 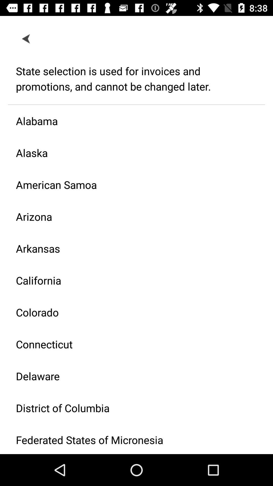 What do you see at coordinates (132, 312) in the screenshot?
I see `colorado icon` at bounding box center [132, 312].